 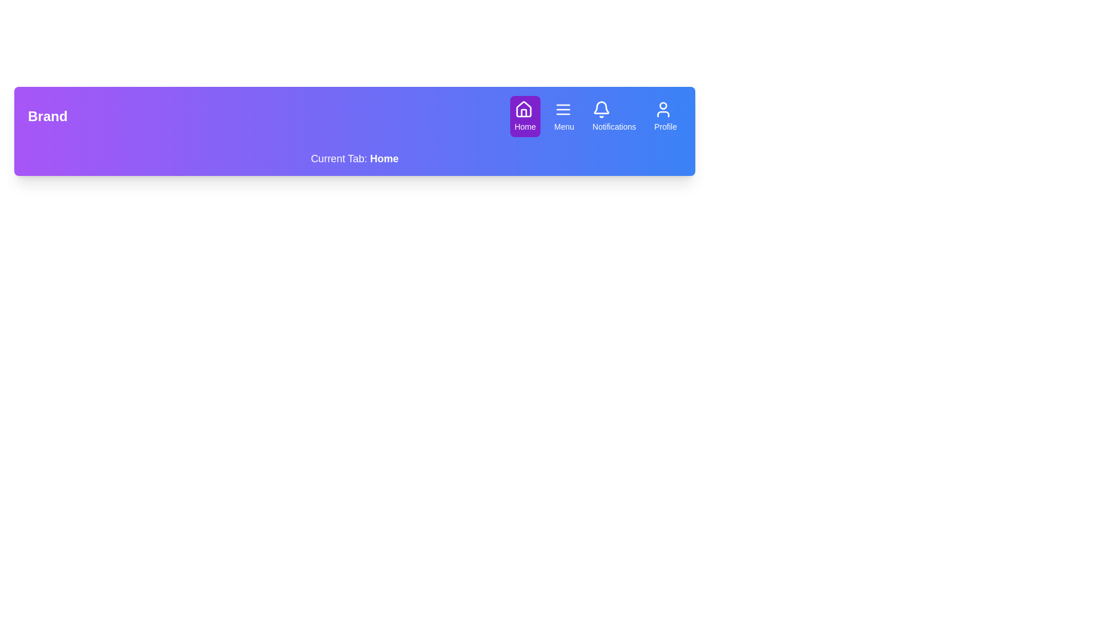 What do you see at coordinates (666, 117) in the screenshot?
I see `the 'Profile' button, which features a user icon and is located on the rightmost side of the horizontal navigation bar` at bounding box center [666, 117].